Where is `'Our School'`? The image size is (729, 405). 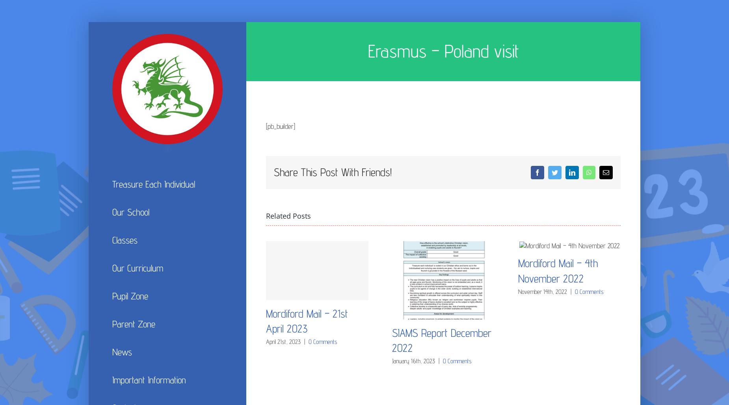
'Our School' is located at coordinates (130, 212).